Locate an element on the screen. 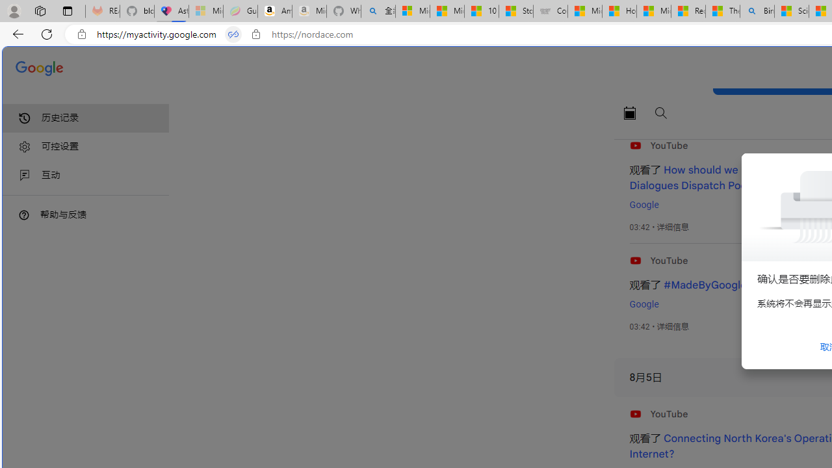 The width and height of the screenshot is (832, 468). 'Recipes - MSN' is located at coordinates (688, 11).